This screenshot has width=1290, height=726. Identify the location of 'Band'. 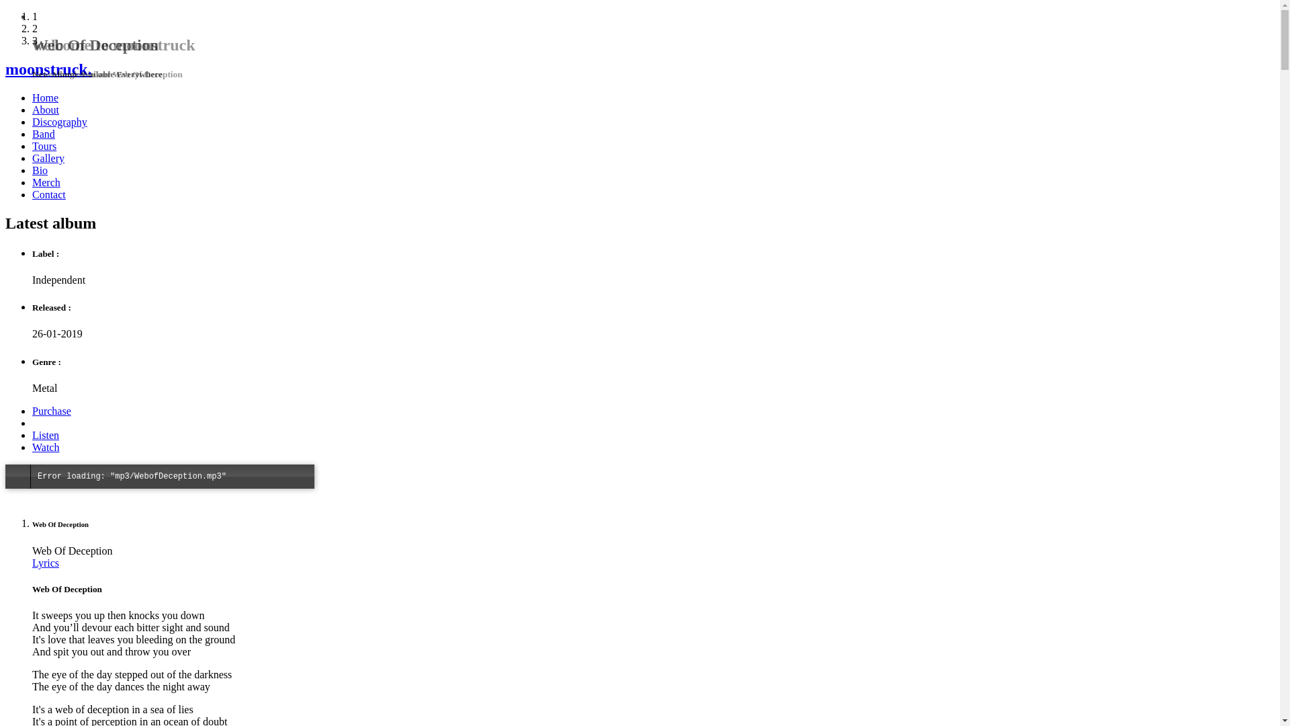
(44, 134).